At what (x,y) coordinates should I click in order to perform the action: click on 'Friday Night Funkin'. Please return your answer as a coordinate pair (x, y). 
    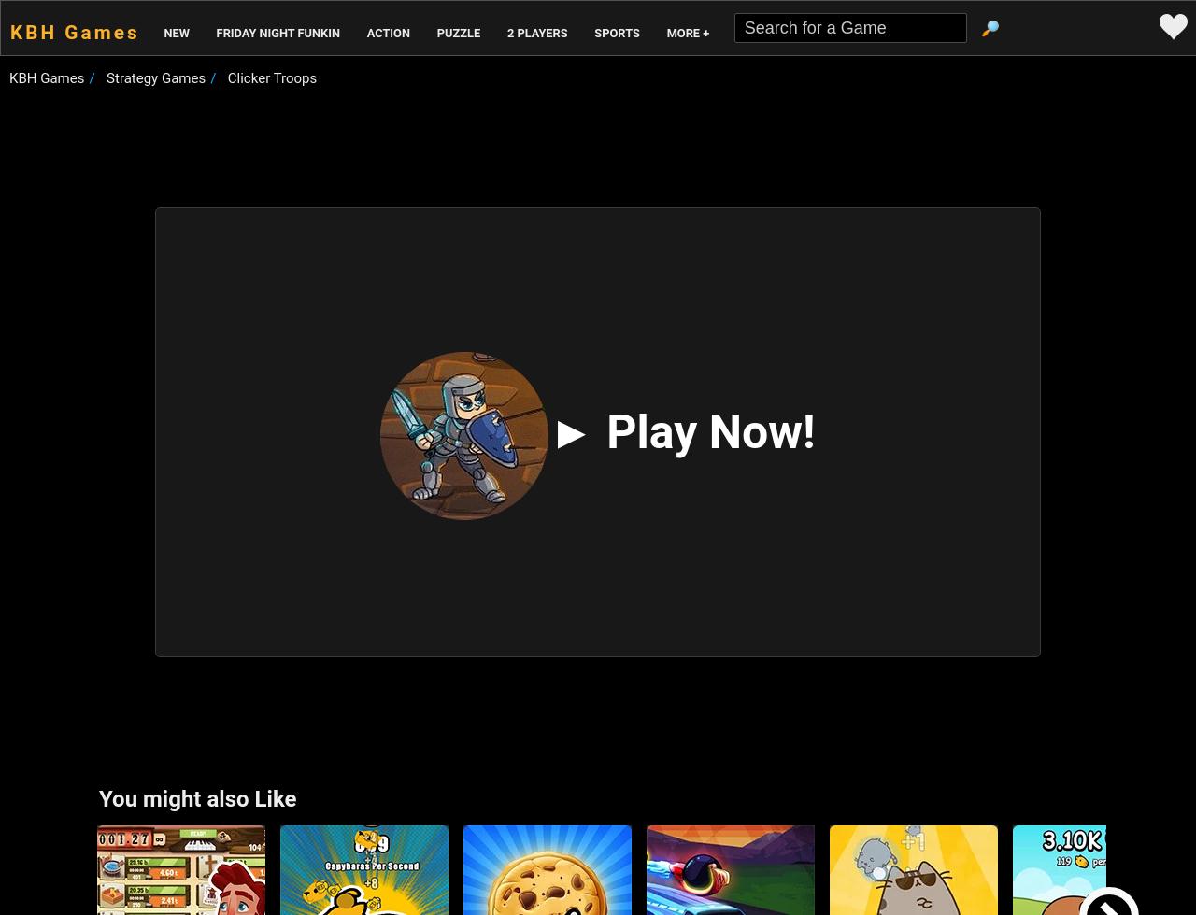
    Looking at the image, I should click on (276, 33).